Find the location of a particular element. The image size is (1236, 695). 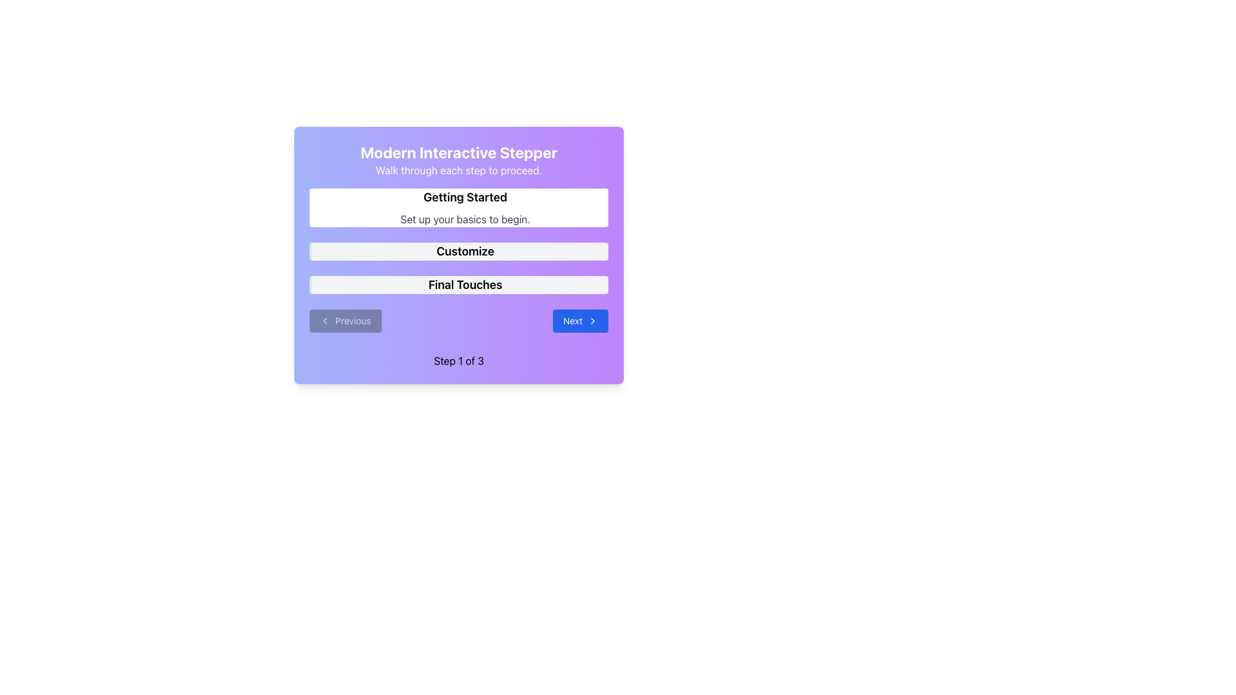

the text label reading 'Step 1 of 3', which is centered at the bottom of the interface, directly beneath the 'Previous' and 'Next' buttons is located at coordinates (459, 360).